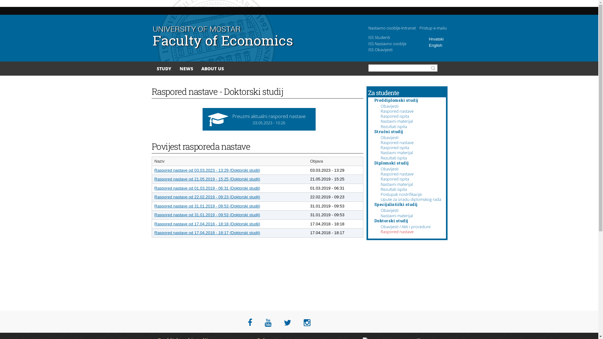 The height and width of the screenshot is (339, 603). Describe the element at coordinates (393, 189) in the screenshot. I see `'Rezultati ispita'` at that location.